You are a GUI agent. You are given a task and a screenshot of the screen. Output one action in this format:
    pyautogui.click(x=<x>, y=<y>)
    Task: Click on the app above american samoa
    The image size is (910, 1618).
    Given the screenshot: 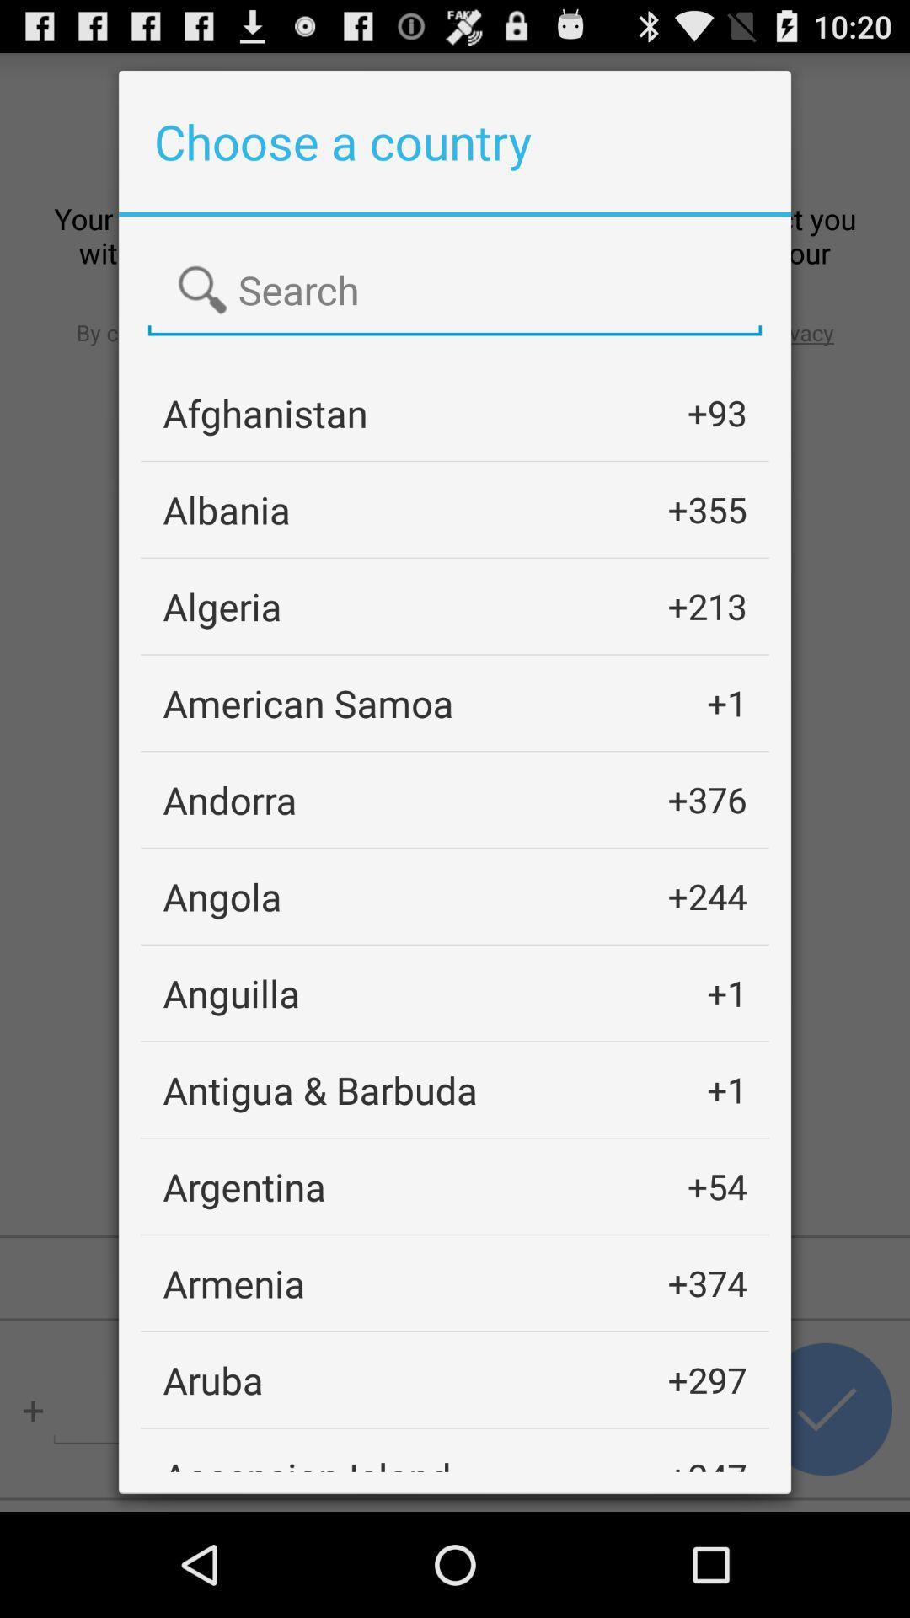 What is the action you would take?
    pyautogui.click(x=221, y=606)
    